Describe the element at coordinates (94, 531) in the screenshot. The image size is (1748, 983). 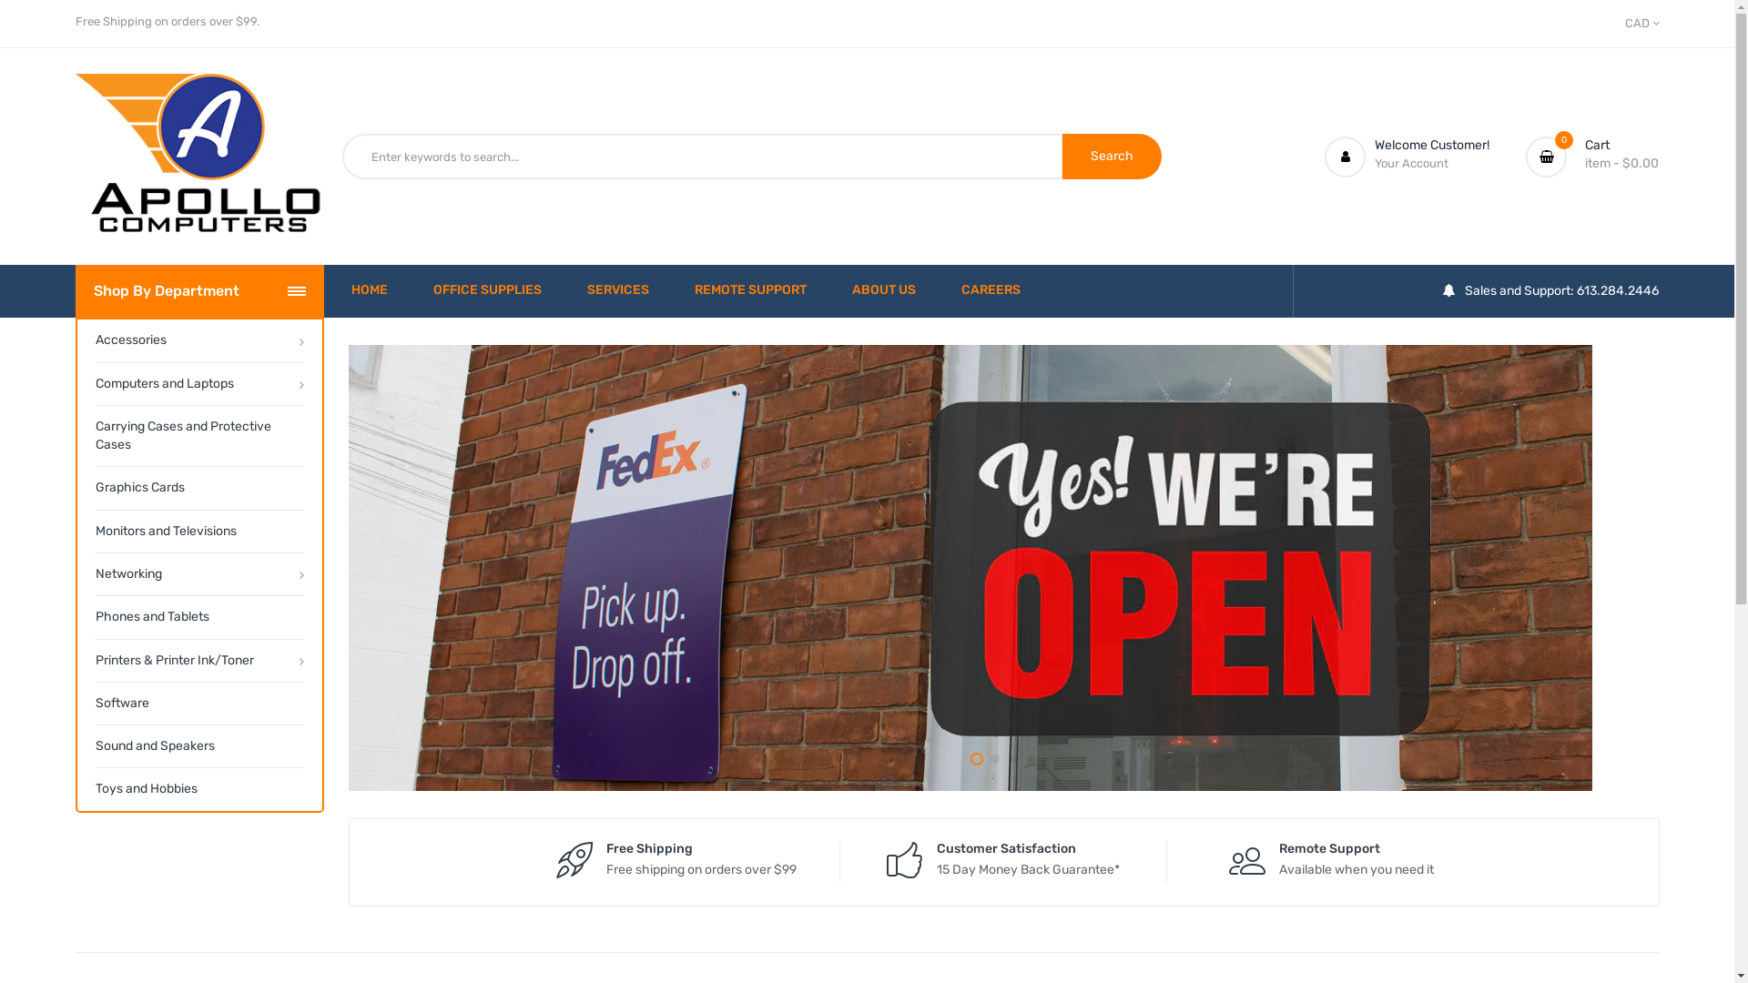
I see `'Monitors and Televisions'` at that location.